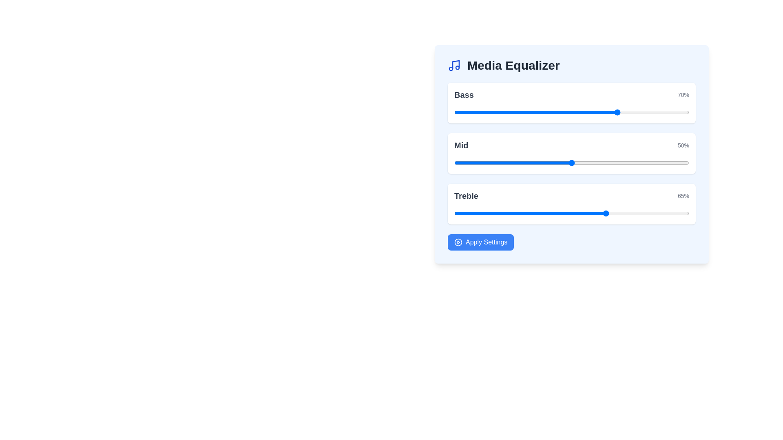 The height and width of the screenshot is (440, 783). What do you see at coordinates (546, 111) in the screenshot?
I see `the bass level` at bounding box center [546, 111].